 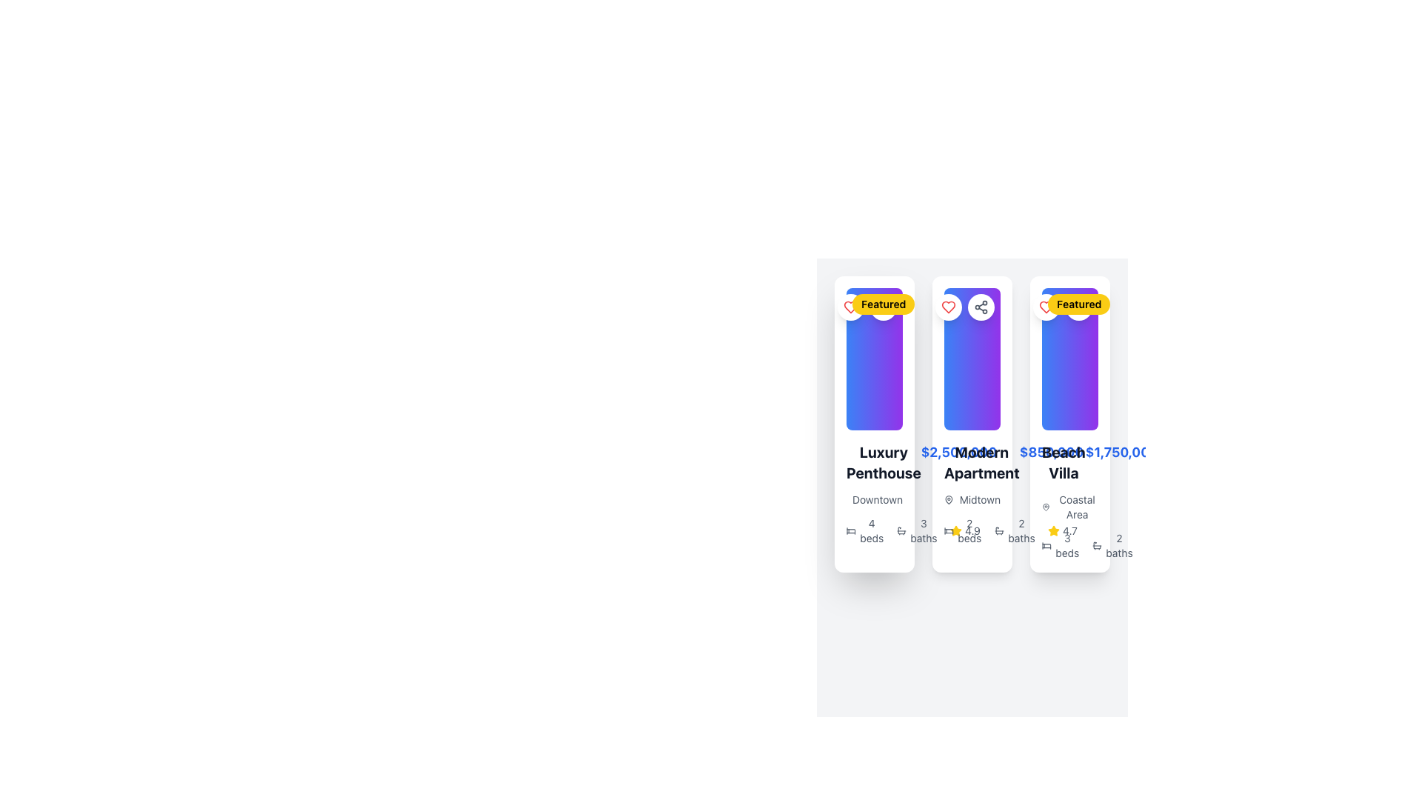 What do you see at coordinates (884, 304) in the screenshot?
I see `the 'Featured' badge, a visually prominent label with bold black text on a bright yellow rounded rectangle, located at the top-left corner of the 'Luxury Penthouse' card` at bounding box center [884, 304].